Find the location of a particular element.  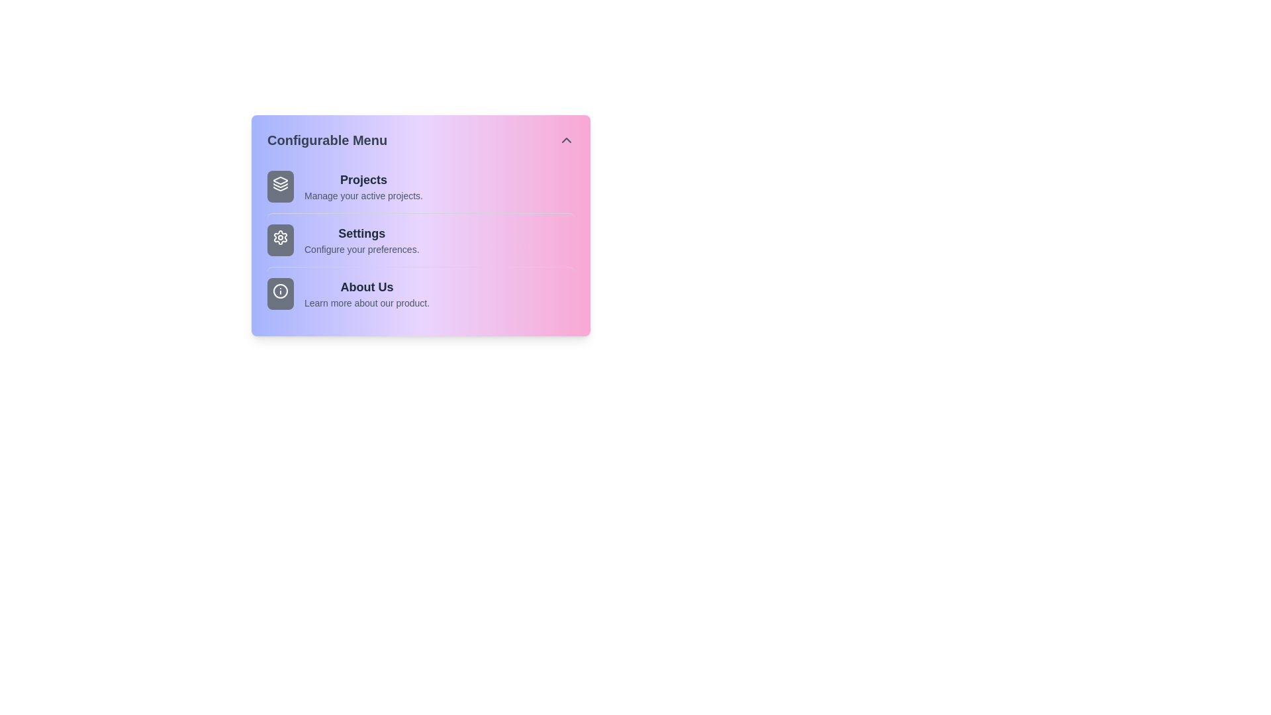

the menu item About Us by clicking on it is located at coordinates (420, 293).